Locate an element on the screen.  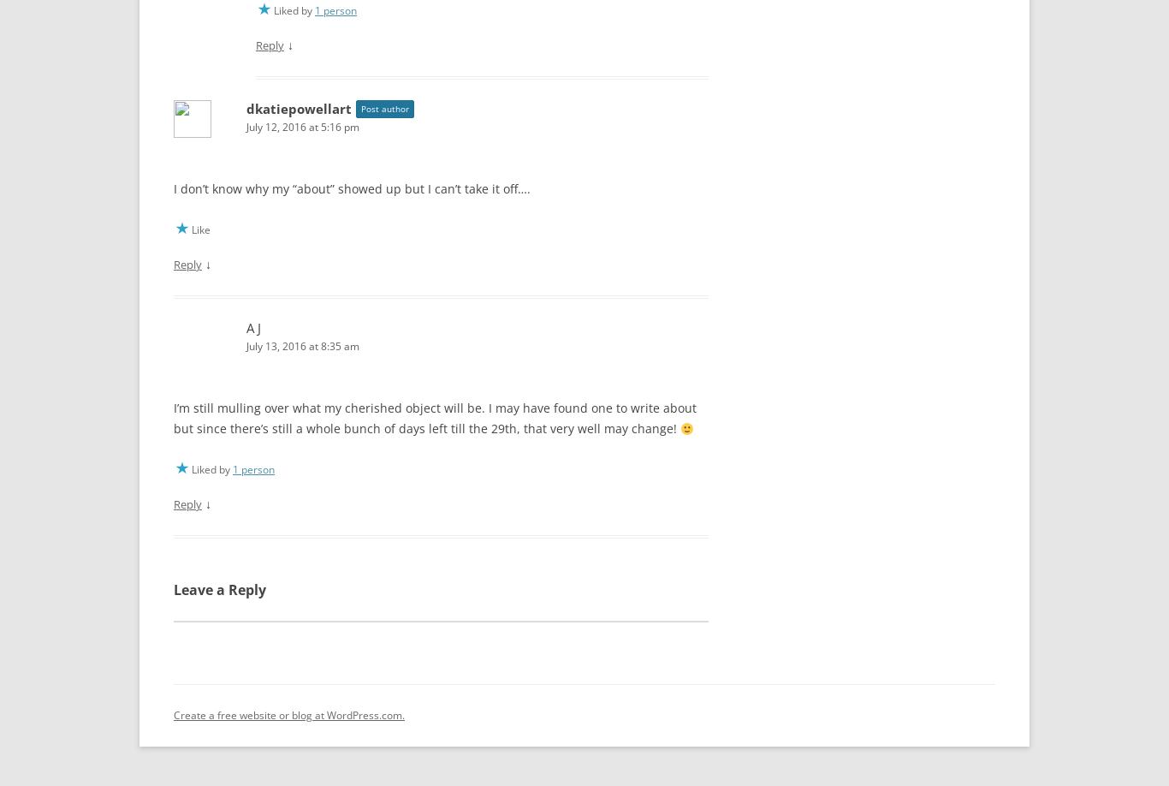
'July 12, 2016 at 5:16 pm' is located at coordinates (302, 121).